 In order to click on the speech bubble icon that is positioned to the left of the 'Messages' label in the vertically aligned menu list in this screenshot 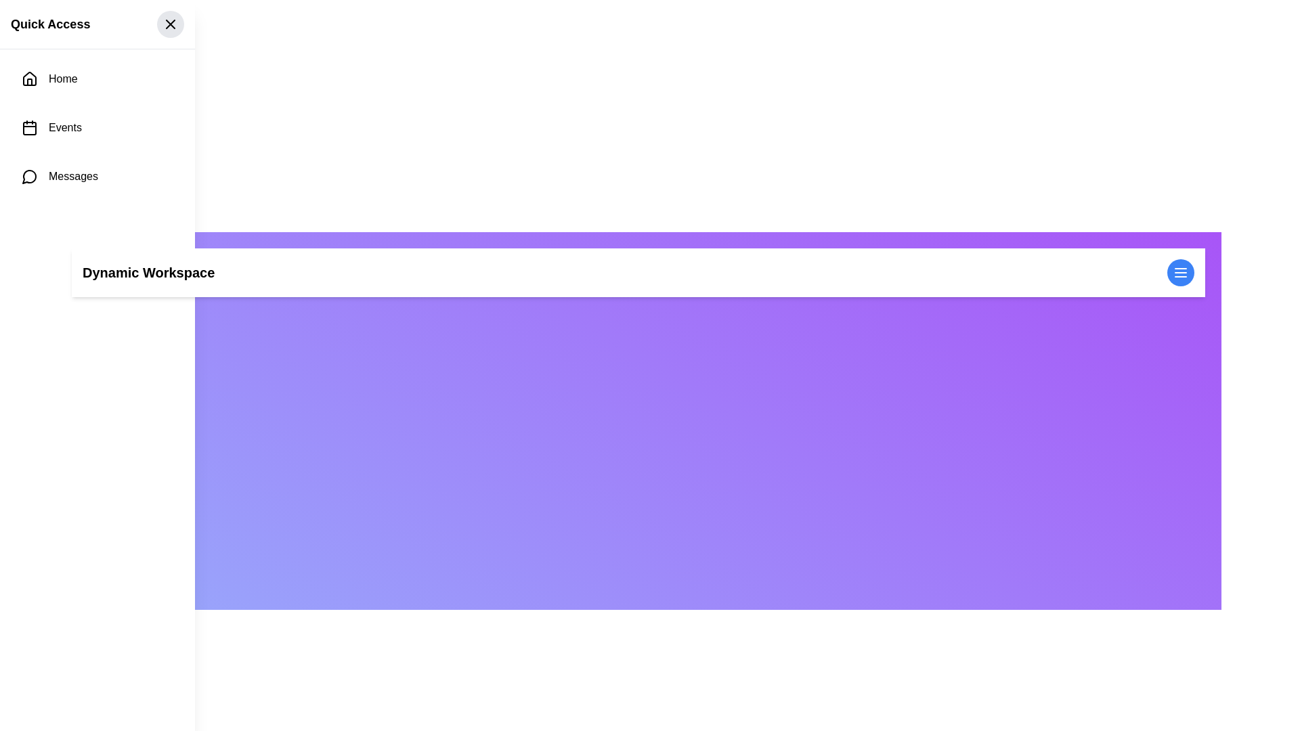, I will do `click(29, 176)`.